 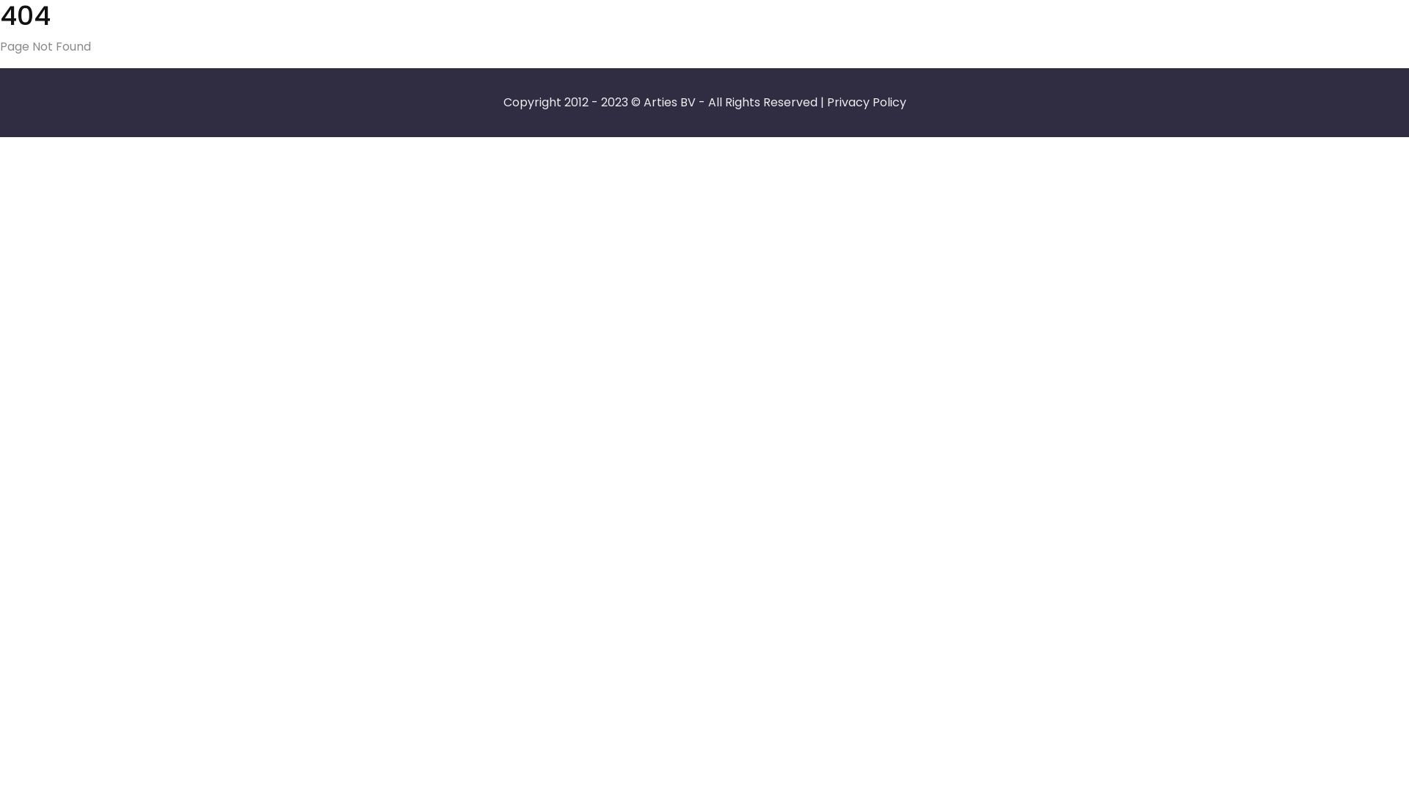 What do you see at coordinates (866, 101) in the screenshot?
I see `'Privacy Policy'` at bounding box center [866, 101].